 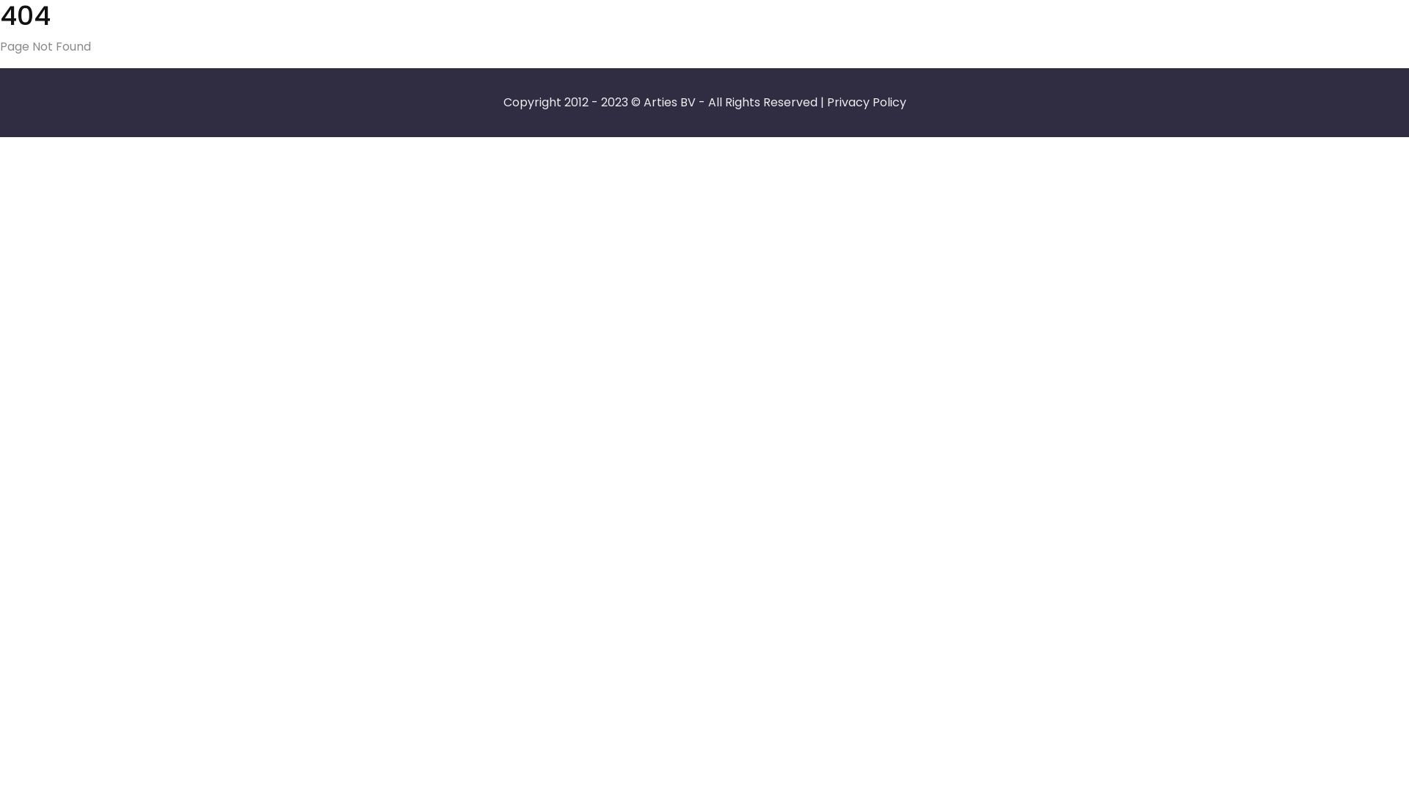 What do you see at coordinates (866, 101) in the screenshot?
I see `'Privacy Policy'` at bounding box center [866, 101].